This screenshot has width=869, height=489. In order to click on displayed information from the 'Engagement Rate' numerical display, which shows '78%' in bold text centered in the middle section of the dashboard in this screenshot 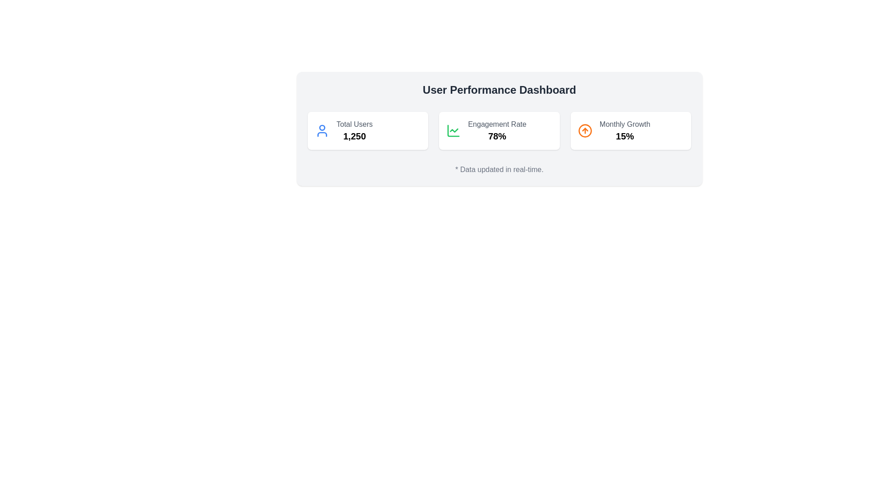, I will do `click(497, 131)`.